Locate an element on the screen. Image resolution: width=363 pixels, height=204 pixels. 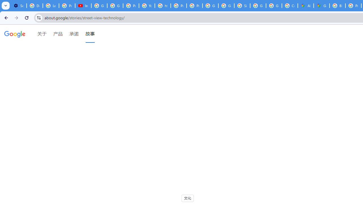
'https://scholar.google.com/' is located at coordinates (162, 6).